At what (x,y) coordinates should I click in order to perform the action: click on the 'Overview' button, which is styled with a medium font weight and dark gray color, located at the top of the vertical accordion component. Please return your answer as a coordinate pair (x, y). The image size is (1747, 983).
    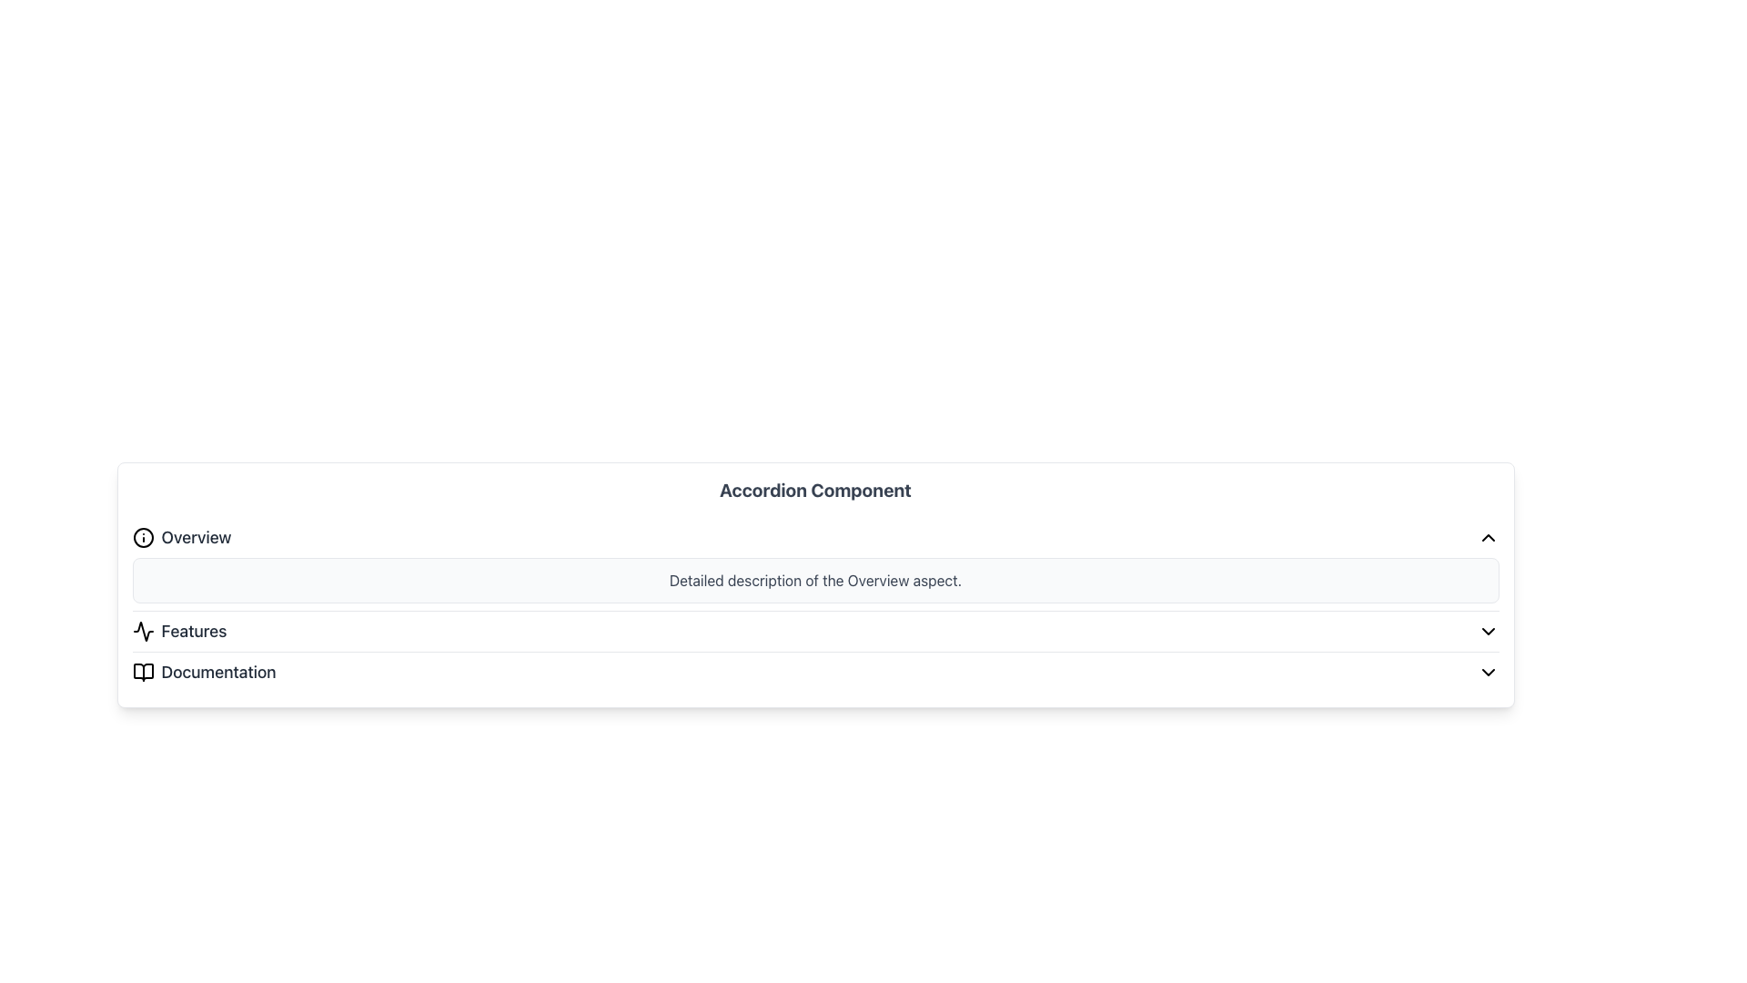
    Looking at the image, I should click on (182, 536).